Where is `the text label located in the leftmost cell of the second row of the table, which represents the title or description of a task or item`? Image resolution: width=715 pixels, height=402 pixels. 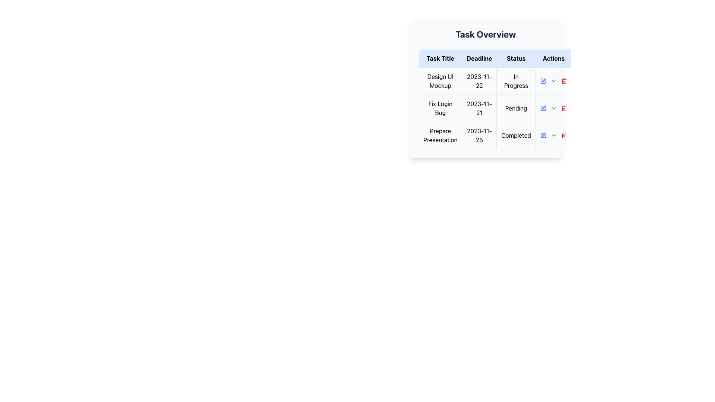
the text label located in the leftmost cell of the second row of the table, which represents the title or description of a task or item is located at coordinates (440, 108).